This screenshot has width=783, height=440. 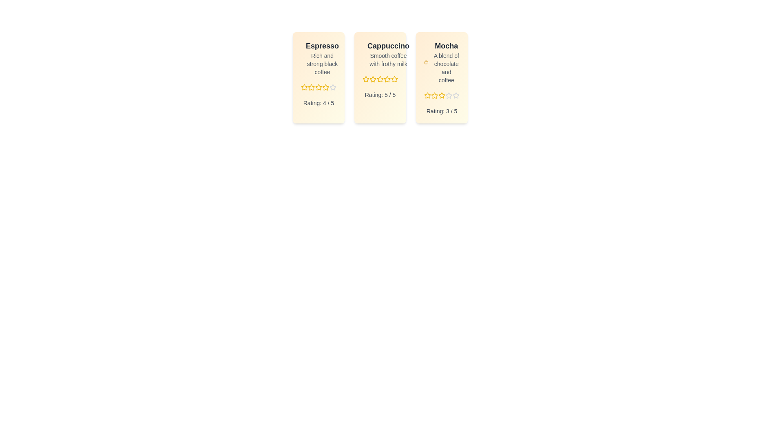 I want to click on the menu item card for Espresso, so click(x=318, y=78).